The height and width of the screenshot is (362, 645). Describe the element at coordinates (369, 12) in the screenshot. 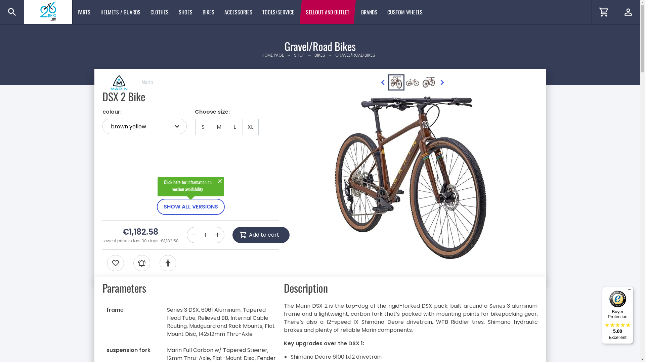

I see `'BRANDS'` at that location.